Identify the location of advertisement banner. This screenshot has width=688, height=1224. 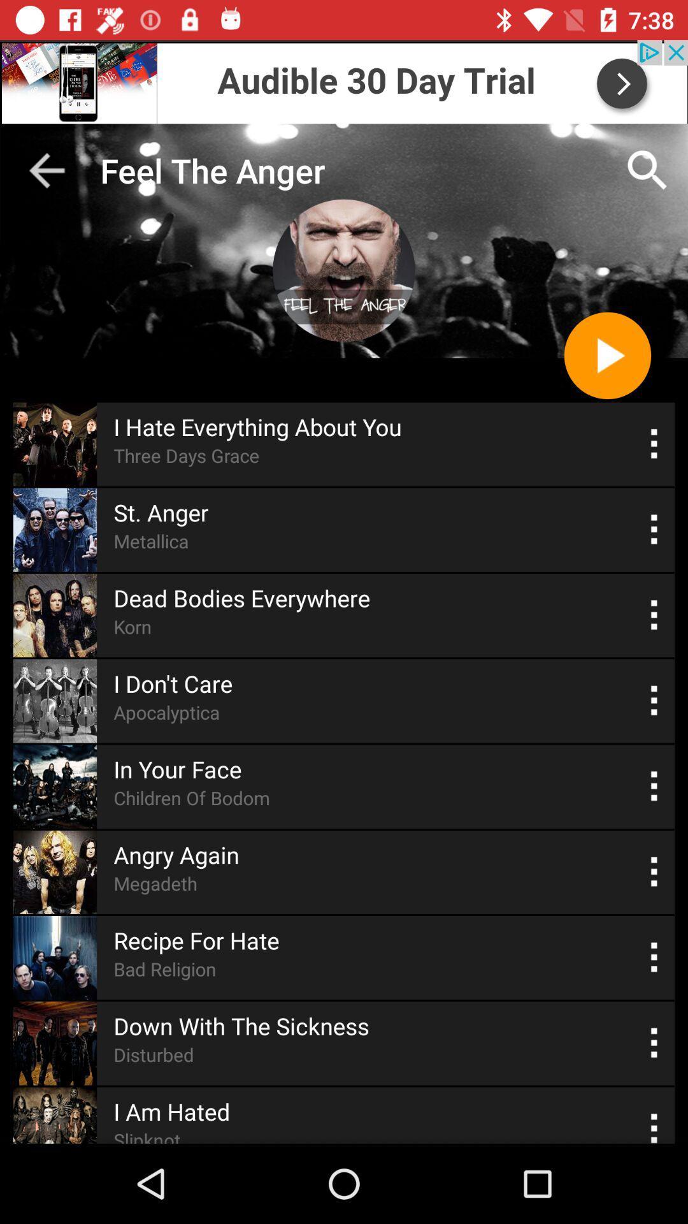
(344, 81).